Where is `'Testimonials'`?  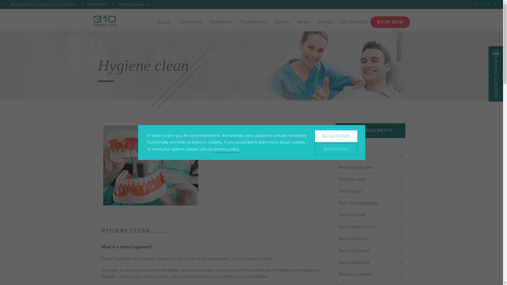 'Testimonials' is located at coordinates (253, 23).